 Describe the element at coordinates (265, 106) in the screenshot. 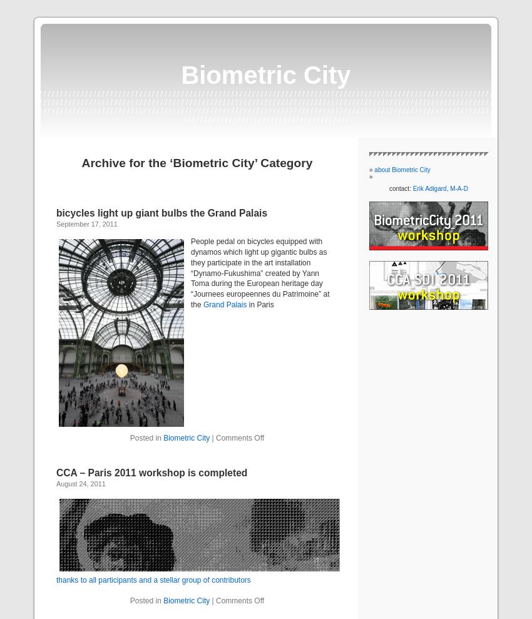

I see `'/ / / / / / / / / / / / / / / / / / / / / / / / / / / / / / / / / / / / / / / / / / / / / / / / / / / / / / / / / / / / / / / / / / / / / / / / / / / / / / / / / / / / / / / / / / / / / / / / / / / / / / / / / / / / / / / / / / / / / / / / / / / / / / / / / / / / / / / / / / / / / / / / / / / / / / / / / / / / / / / / / / / / / / / / / / / / / / / / / / / / / / / / / / / / / / / / / / / / / / / / / / / / / / / / / / / / / / / / / / / / / / / / / / / / / / / / / / / / / / / / / / / / / / / / / / / / / / / / / / / / / / / / / / / / / / / / / / / / / / / / / / / / / / / / / / / / / / / / / / / / / / / / / / / / / / / / / / / / / / / / / / / / / / / / / / / / / / / / / / / / / / / / / / / / / / / / / / / / / / / / / / / / / / / / / / / / /'` at that location.